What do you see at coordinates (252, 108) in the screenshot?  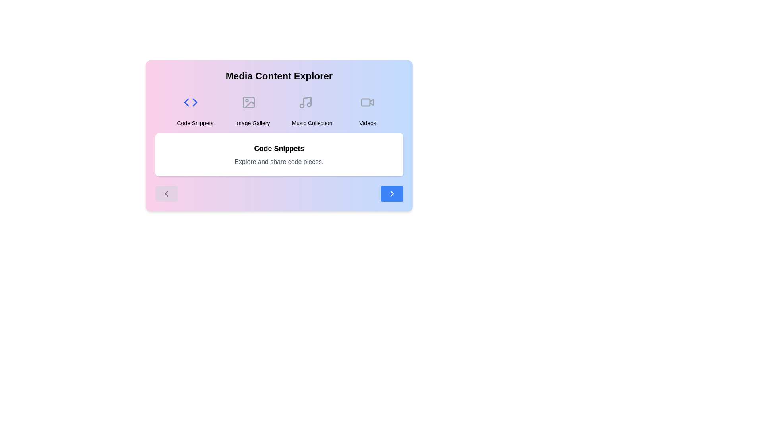 I see `the content category Image Gallery by clicking on its respective button` at bounding box center [252, 108].